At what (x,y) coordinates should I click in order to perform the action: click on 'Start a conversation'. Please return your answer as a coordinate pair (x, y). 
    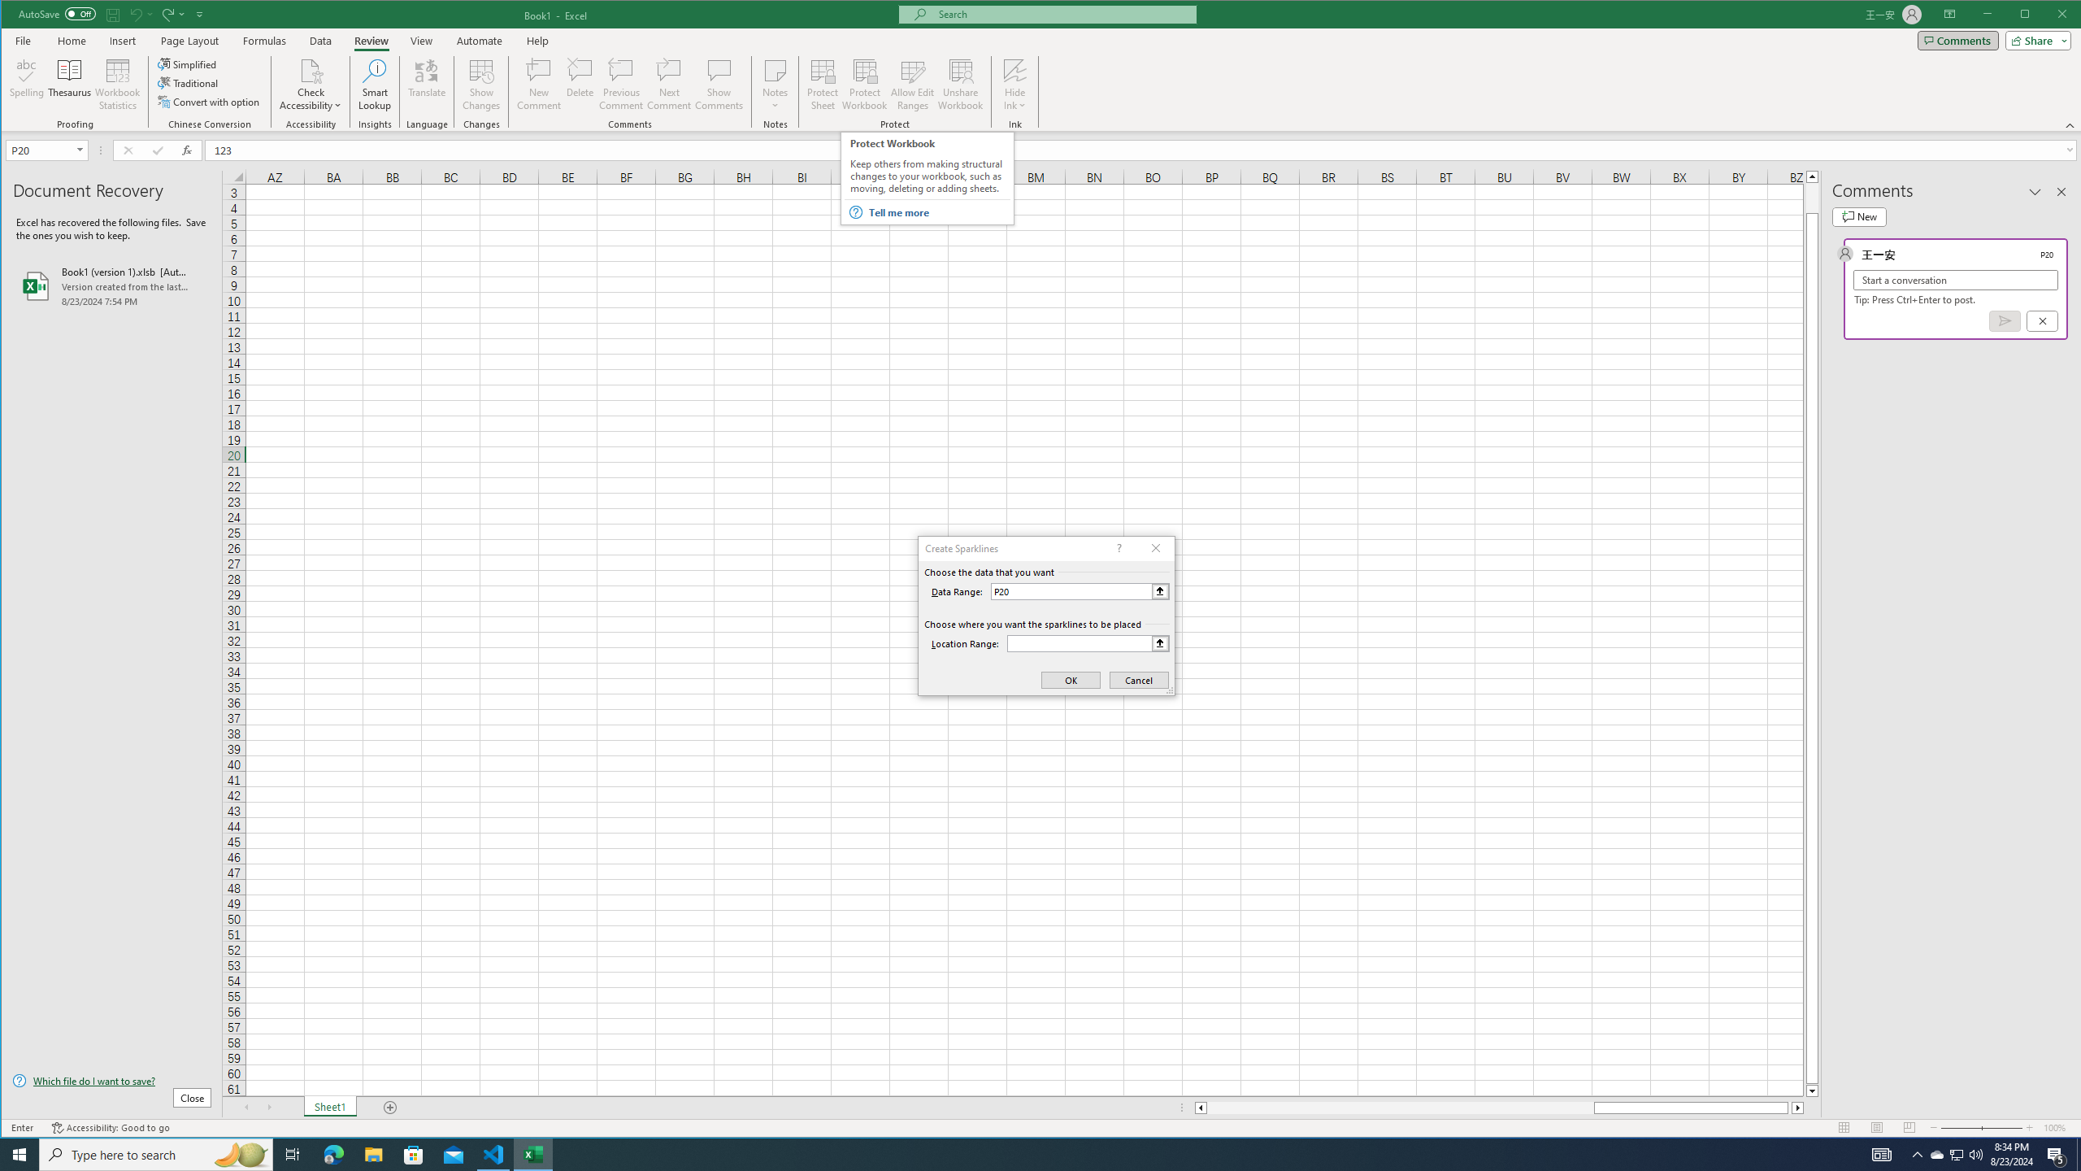
    Looking at the image, I should click on (1955, 280).